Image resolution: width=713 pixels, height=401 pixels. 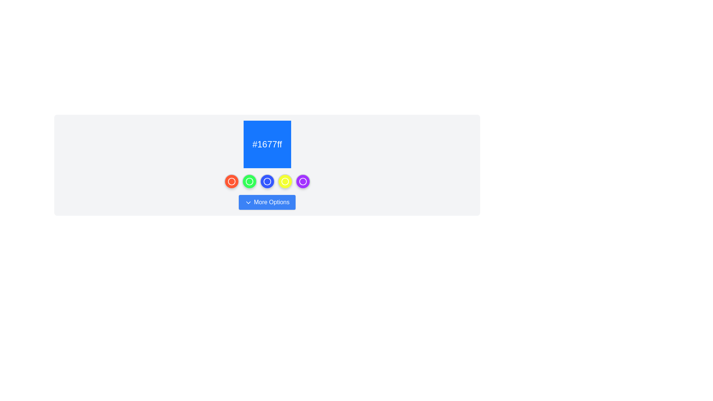 I want to click on the circular purple icon located on the far right of the row of circular icons, so click(x=303, y=182).